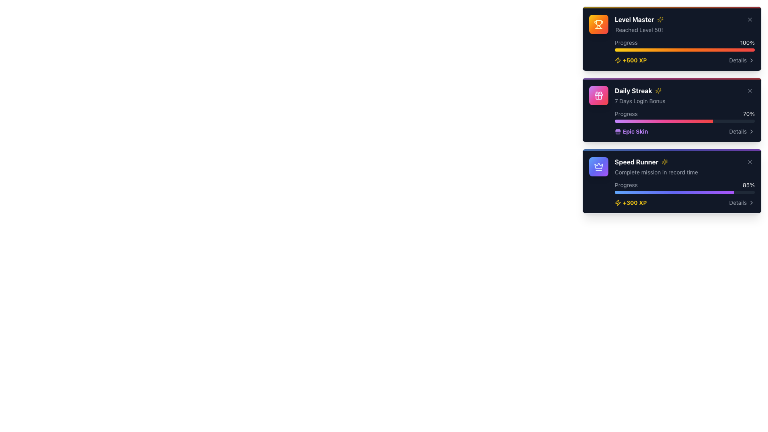 Image resolution: width=768 pixels, height=432 pixels. What do you see at coordinates (672, 78) in the screenshot?
I see `the vibrant gradient progress bar located within the 'Daily Streak' card, positioned directly below the '7 Days Login Bonus' text` at bounding box center [672, 78].